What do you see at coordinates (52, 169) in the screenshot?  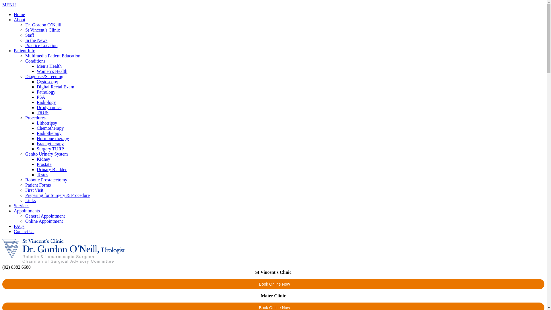 I see `'Urinary Bladder'` at bounding box center [52, 169].